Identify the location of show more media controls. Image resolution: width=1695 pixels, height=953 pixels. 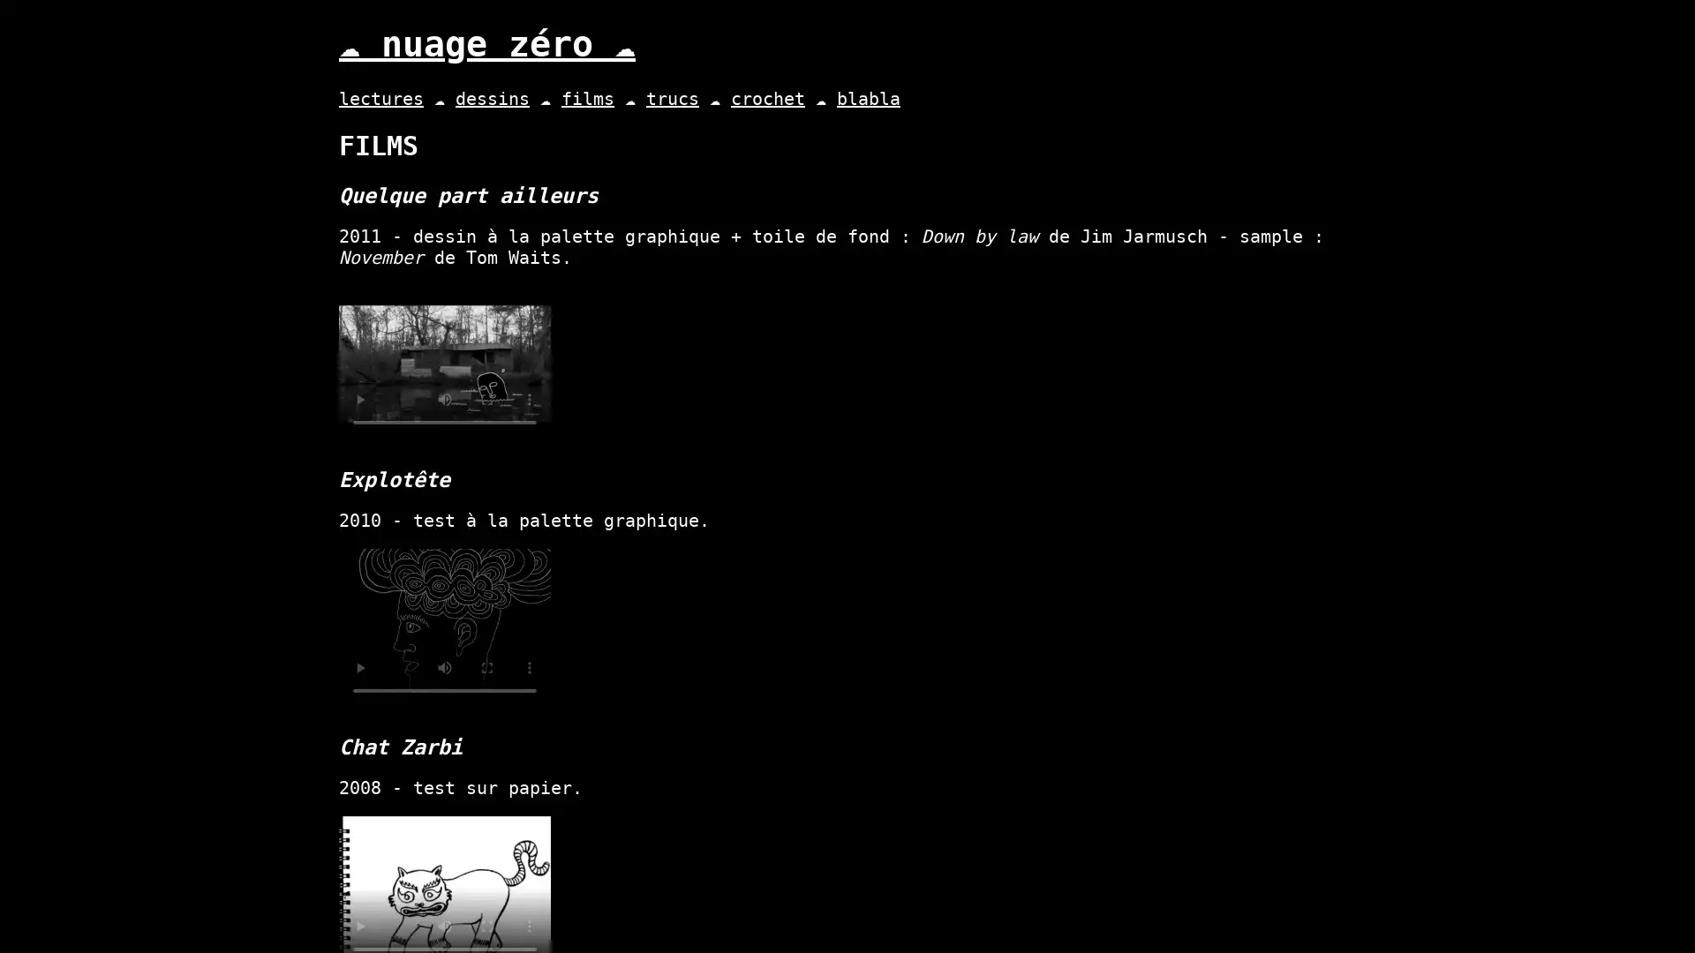
(529, 925).